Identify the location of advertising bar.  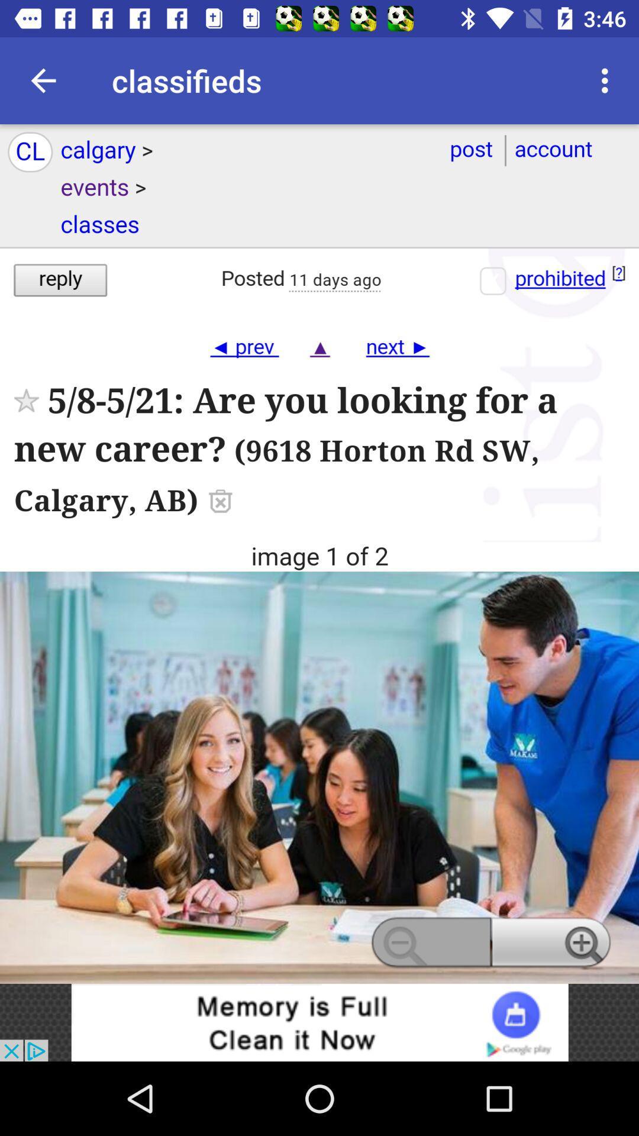
(319, 1022).